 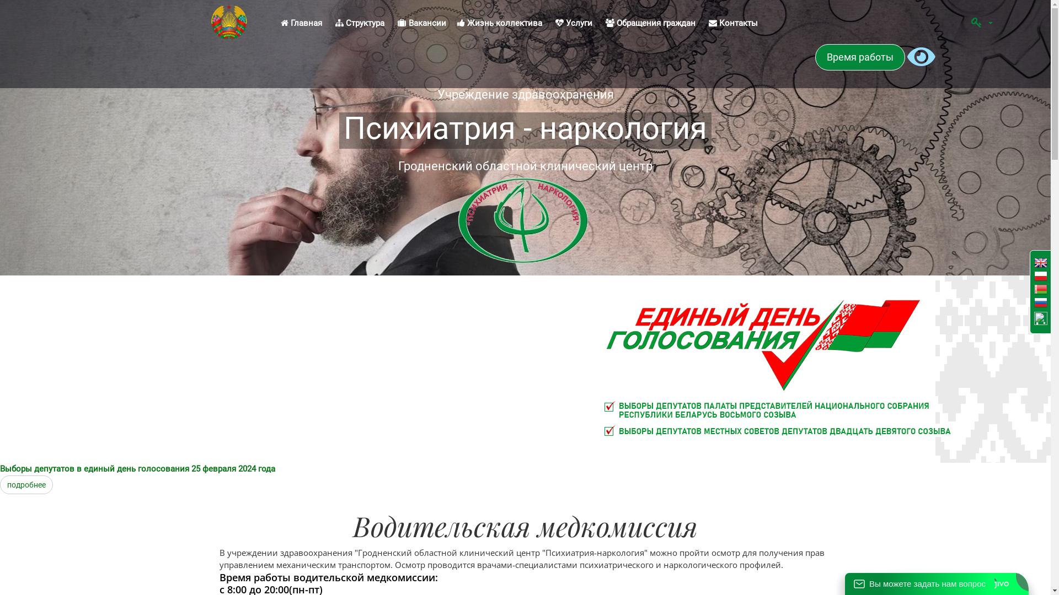 I want to click on 'Russian', so click(x=1040, y=304).